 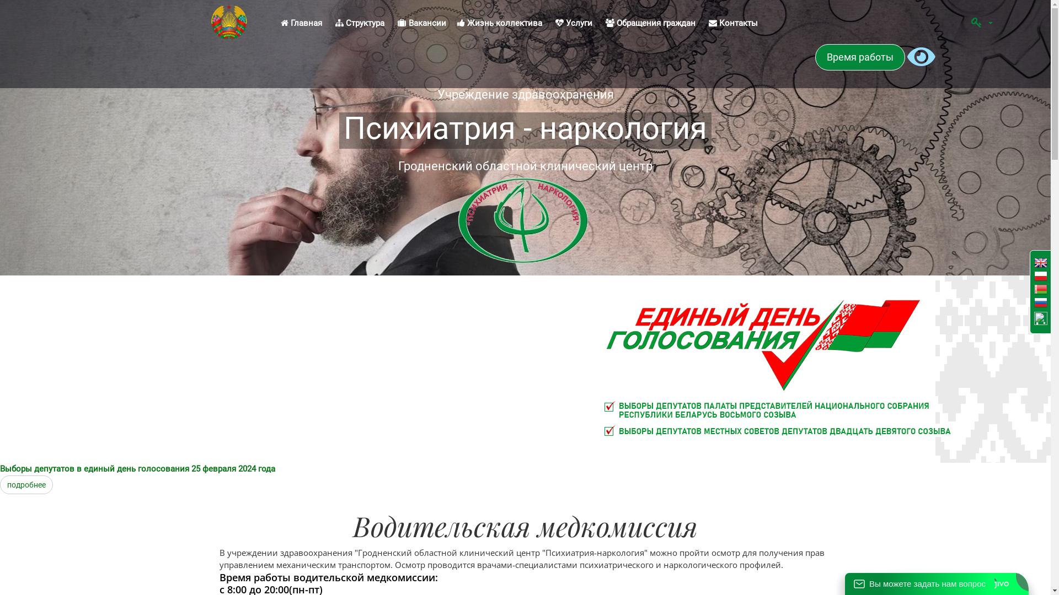 I want to click on 'Russian', so click(x=1040, y=304).